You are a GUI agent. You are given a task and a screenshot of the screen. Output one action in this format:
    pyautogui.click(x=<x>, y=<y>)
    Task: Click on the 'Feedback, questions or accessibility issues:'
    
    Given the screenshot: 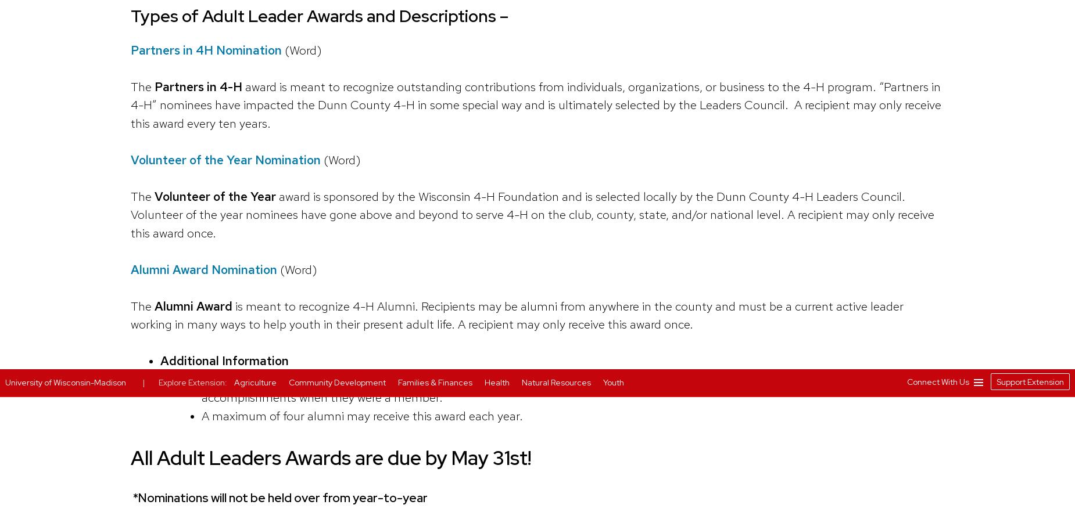 What is the action you would take?
    pyautogui.click(x=317, y=45)
    